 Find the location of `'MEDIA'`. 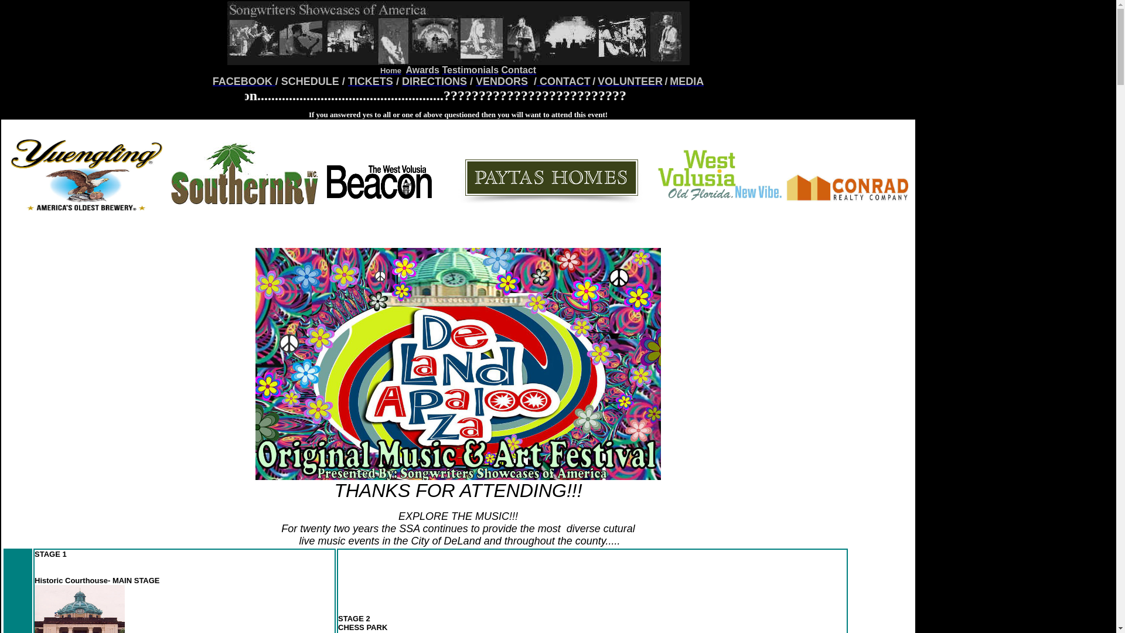

'MEDIA' is located at coordinates (686, 81).